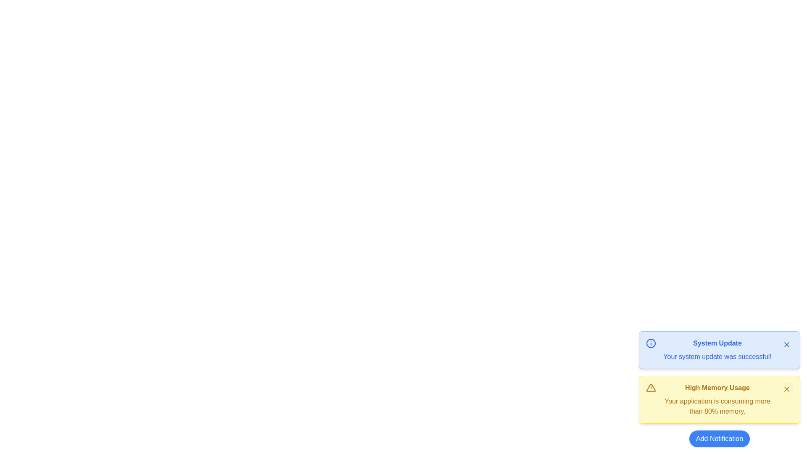 The image size is (807, 454). What do you see at coordinates (786, 345) in the screenshot?
I see `the close icon located in the top-right corner of the blue notification box labeled 'System Update'` at bounding box center [786, 345].